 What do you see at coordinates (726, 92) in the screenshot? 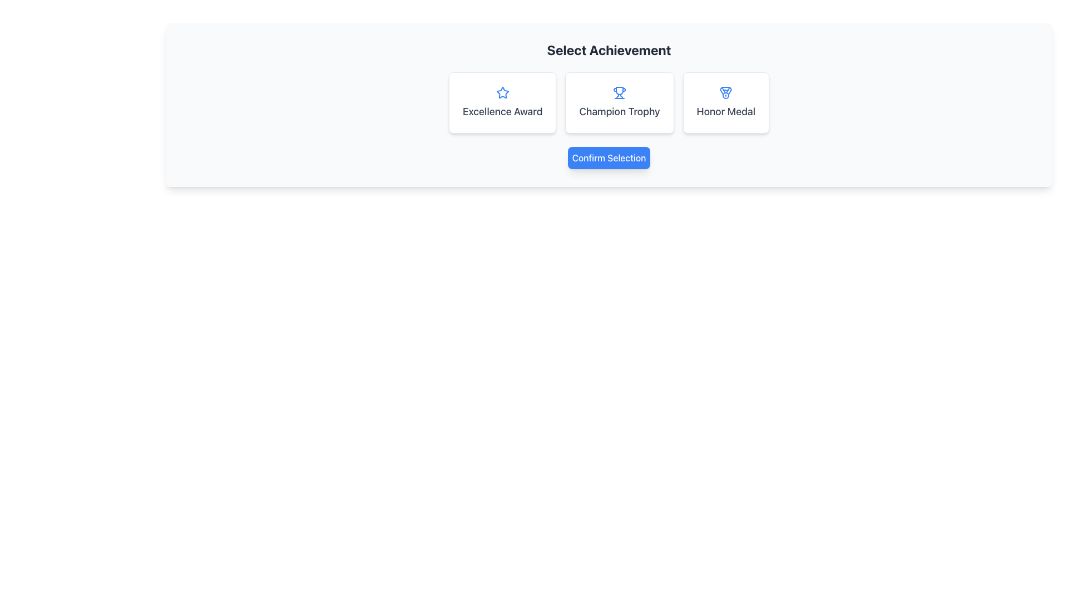
I see `the decorative medal icon representing the 'Honor Medal' in the achievement selection interface, which is the third option among three horizontally aligned options` at bounding box center [726, 92].